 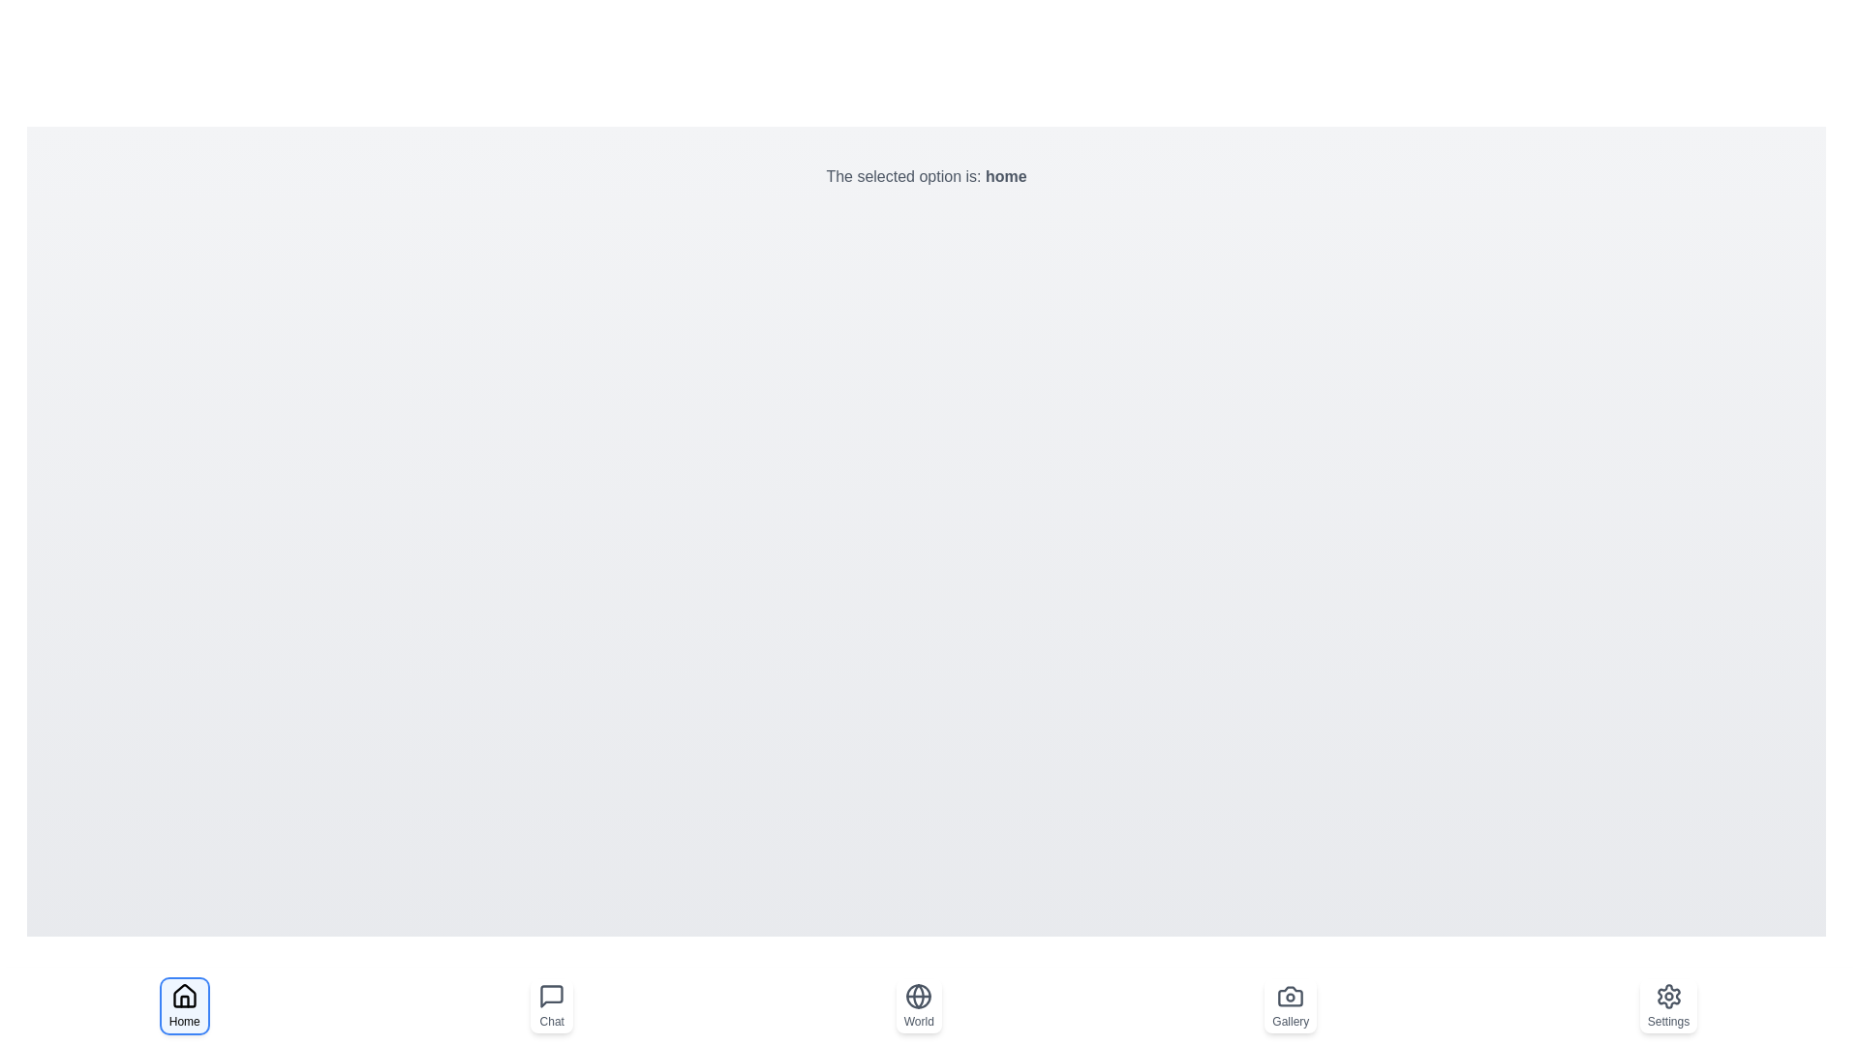 What do you see at coordinates (918, 1005) in the screenshot?
I see `the World button to observe the visual changes` at bounding box center [918, 1005].